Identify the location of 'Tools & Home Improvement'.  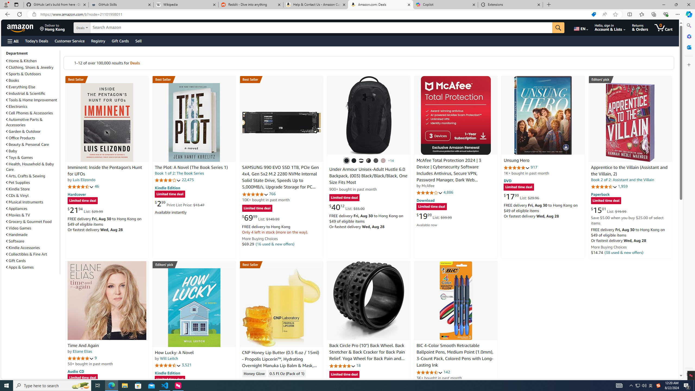
(31, 100).